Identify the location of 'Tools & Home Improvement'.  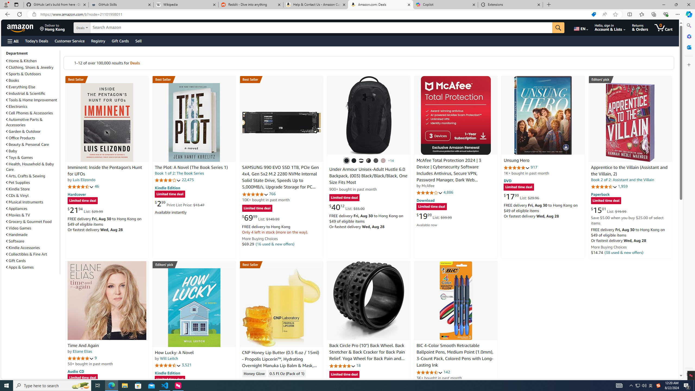
(31, 100).